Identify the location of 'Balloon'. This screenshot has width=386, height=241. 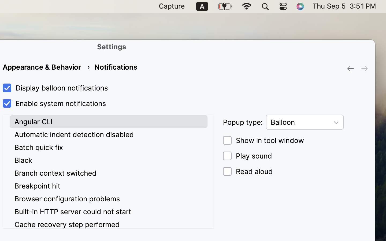
(305, 122).